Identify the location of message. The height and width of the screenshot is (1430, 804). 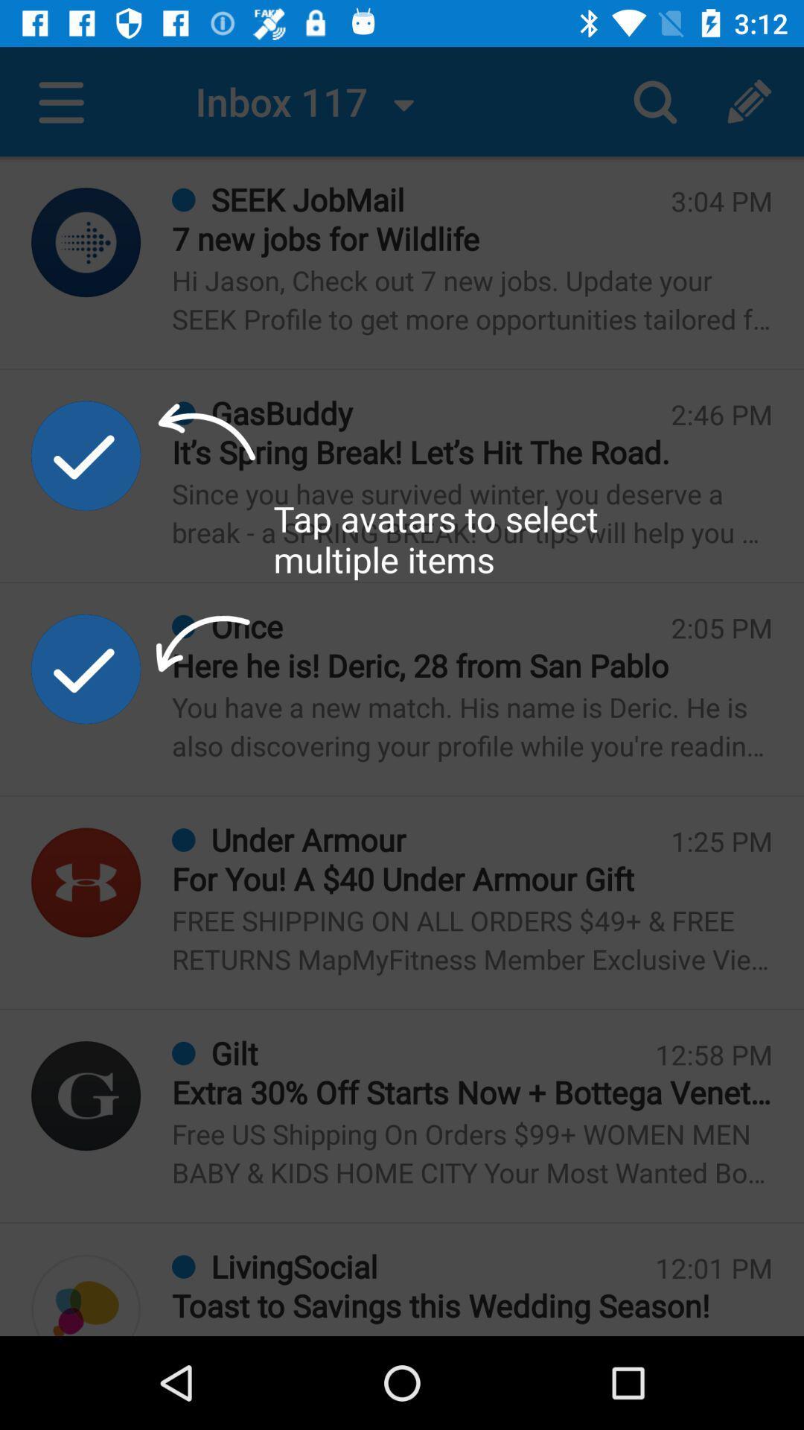
(86, 1294).